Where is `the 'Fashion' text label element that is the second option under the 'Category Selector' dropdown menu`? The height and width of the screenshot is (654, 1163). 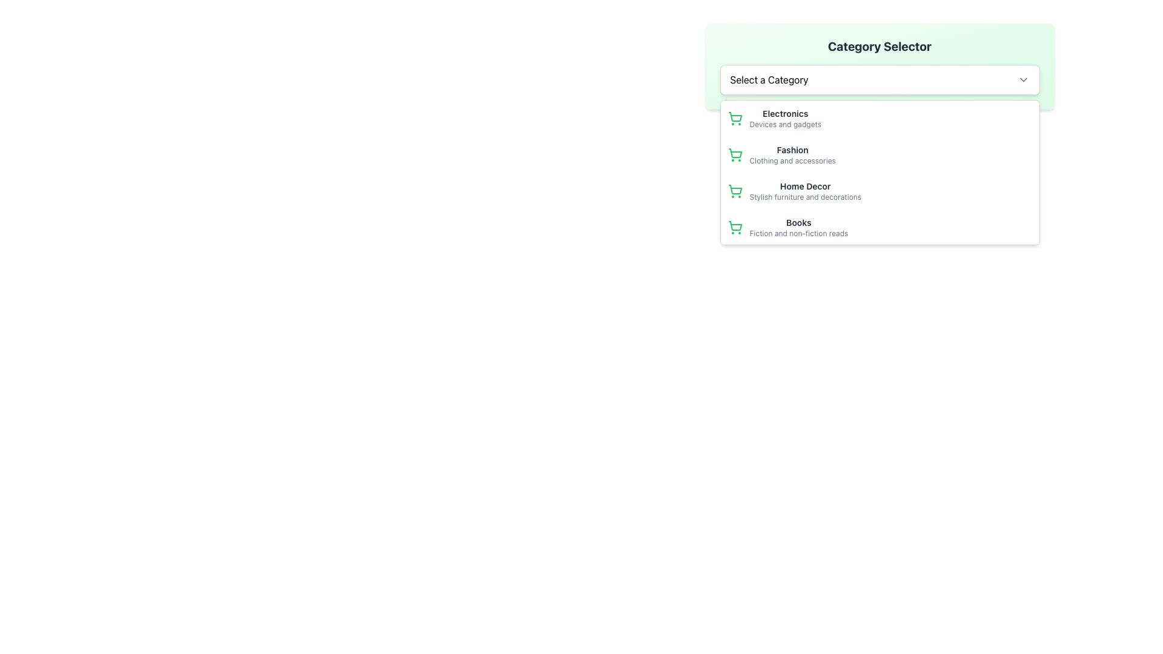
the 'Fashion' text label element that is the second option under the 'Category Selector' dropdown menu is located at coordinates (792, 154).